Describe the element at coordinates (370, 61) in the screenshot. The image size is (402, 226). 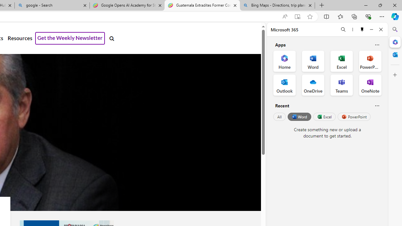
I see `'PowerPoint Office App'` at that location.